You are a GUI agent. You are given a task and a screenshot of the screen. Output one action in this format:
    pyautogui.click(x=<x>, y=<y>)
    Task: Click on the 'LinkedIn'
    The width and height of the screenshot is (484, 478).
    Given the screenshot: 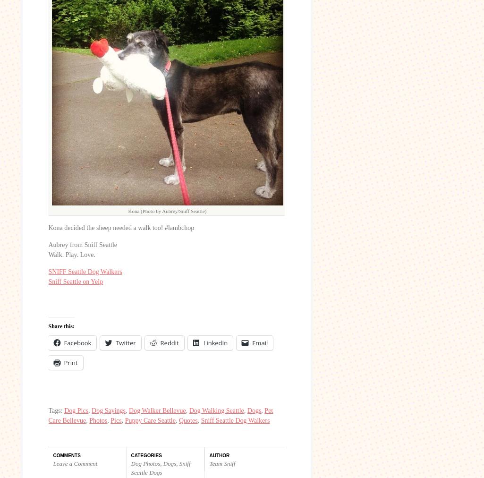 What is the action you would take?
    pyautogui.click(x=215, y=342)
    